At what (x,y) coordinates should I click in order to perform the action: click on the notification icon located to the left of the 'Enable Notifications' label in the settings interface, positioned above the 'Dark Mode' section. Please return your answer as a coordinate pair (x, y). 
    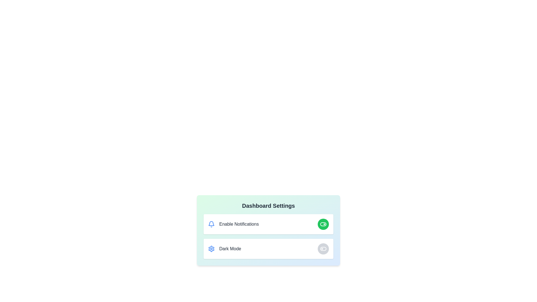
    Looking at the image, I should click on (211, 224).